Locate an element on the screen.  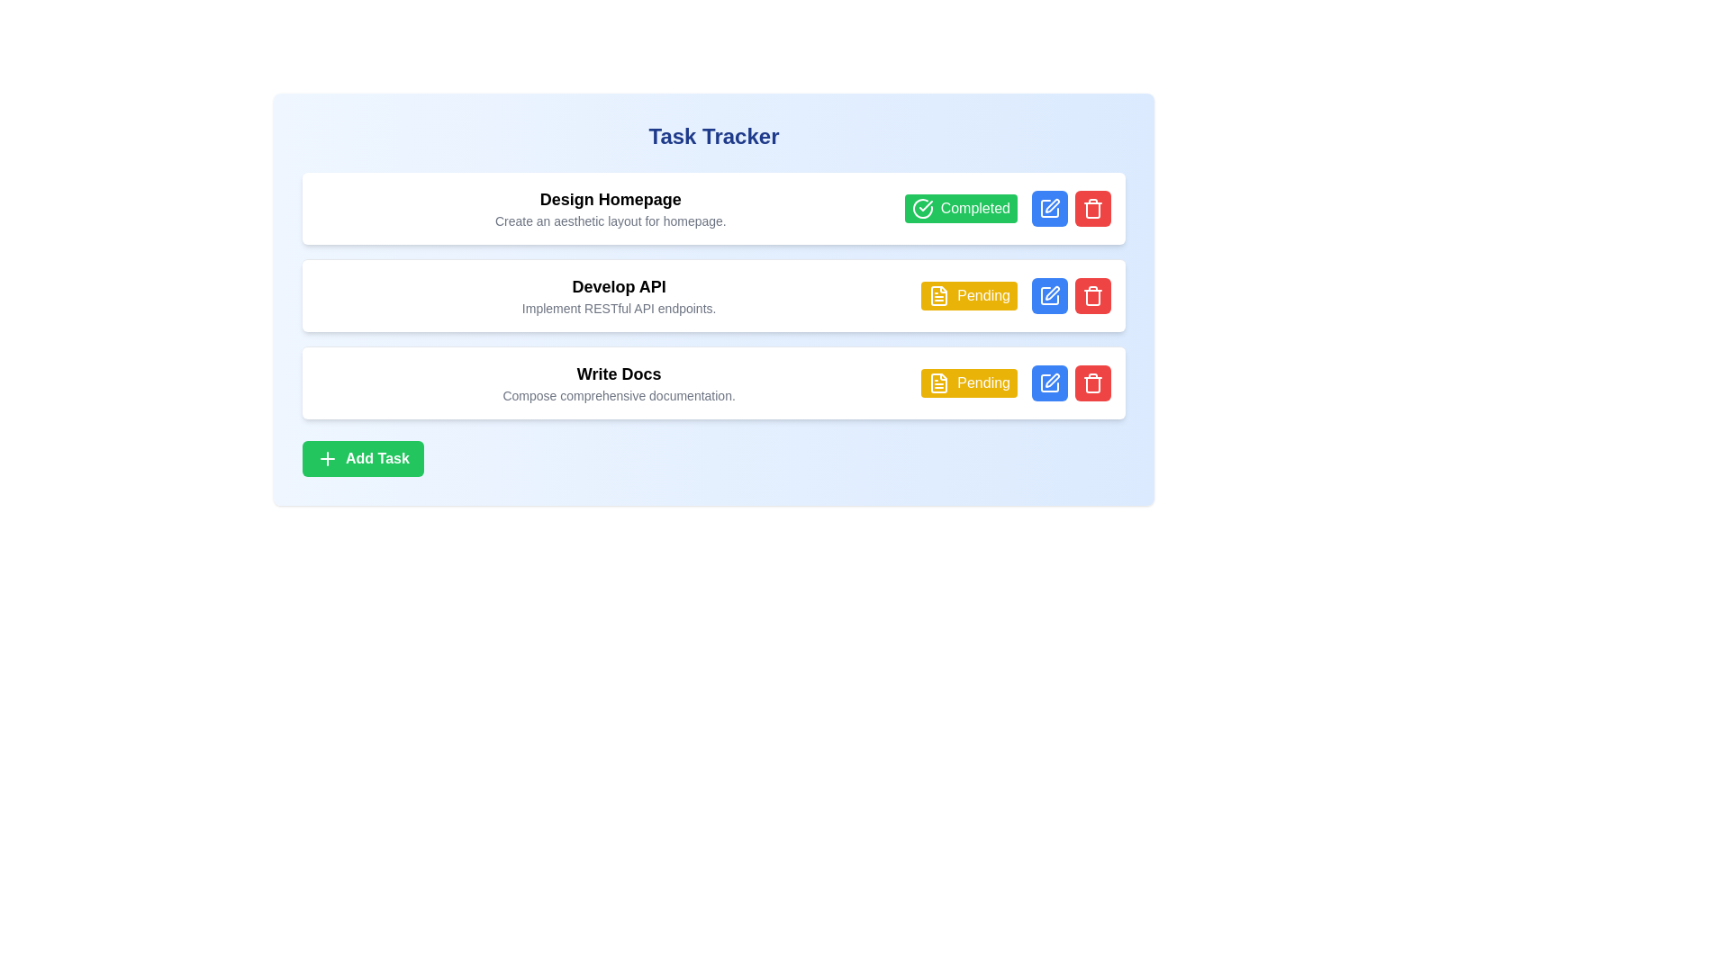
the red trash bin icon located to the right of the 'Design Homepage' task in the 'Task Tracker' application is located at coordinates (1092, 207).